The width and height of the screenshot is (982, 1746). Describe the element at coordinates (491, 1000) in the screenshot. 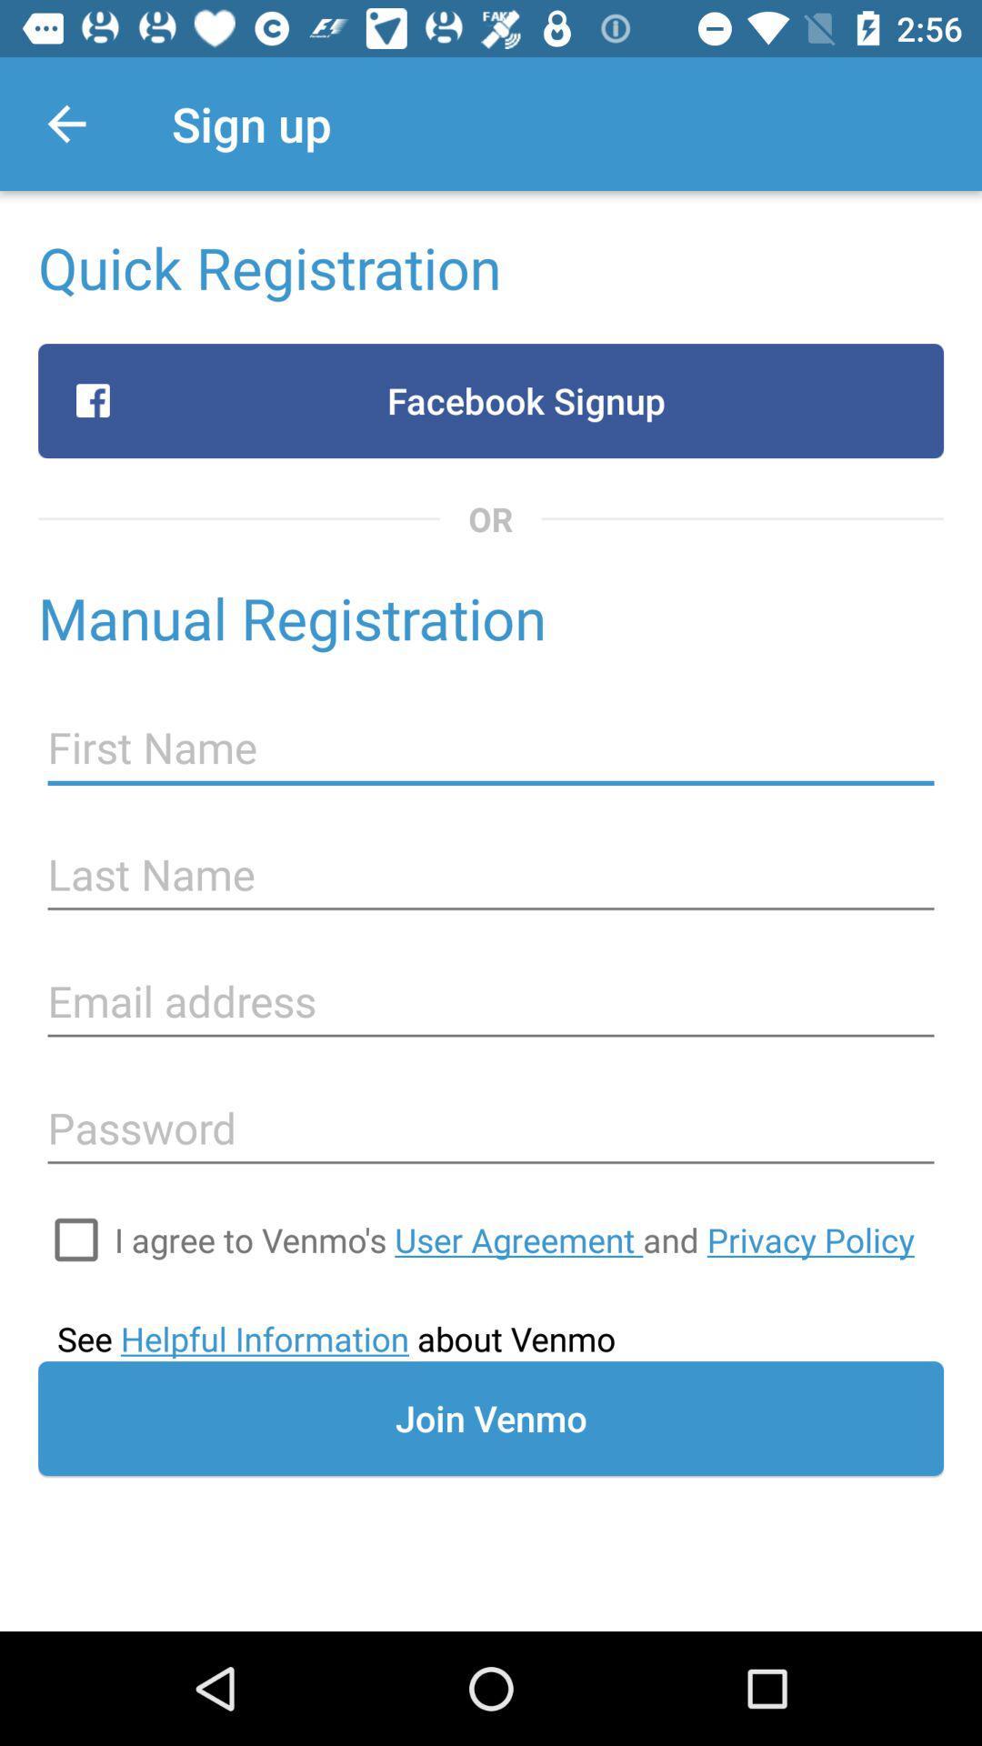

I see `email address field` at that location.